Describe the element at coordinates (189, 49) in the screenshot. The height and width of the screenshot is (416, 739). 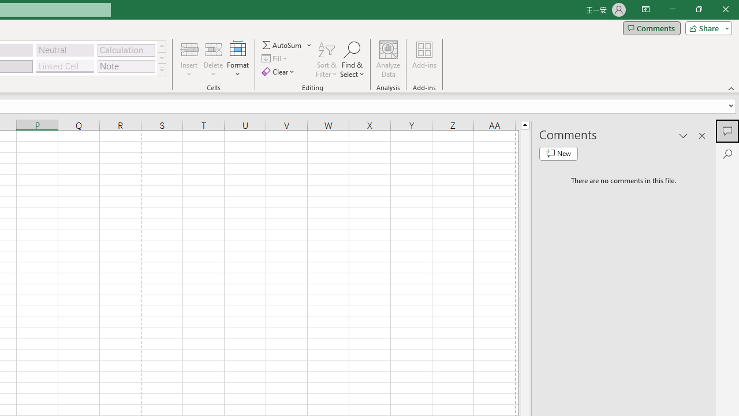
I see `'Insert Cells'` at that location.